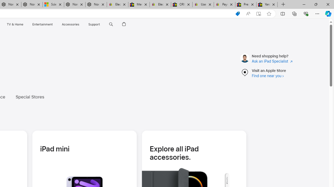 This screenshot has height=187, width=334. What do you see at coordinates (101, 24) in the screenshot?
I see `'Class: globalnav-submenu-trigger-item'` at bounding box center [101, 24].